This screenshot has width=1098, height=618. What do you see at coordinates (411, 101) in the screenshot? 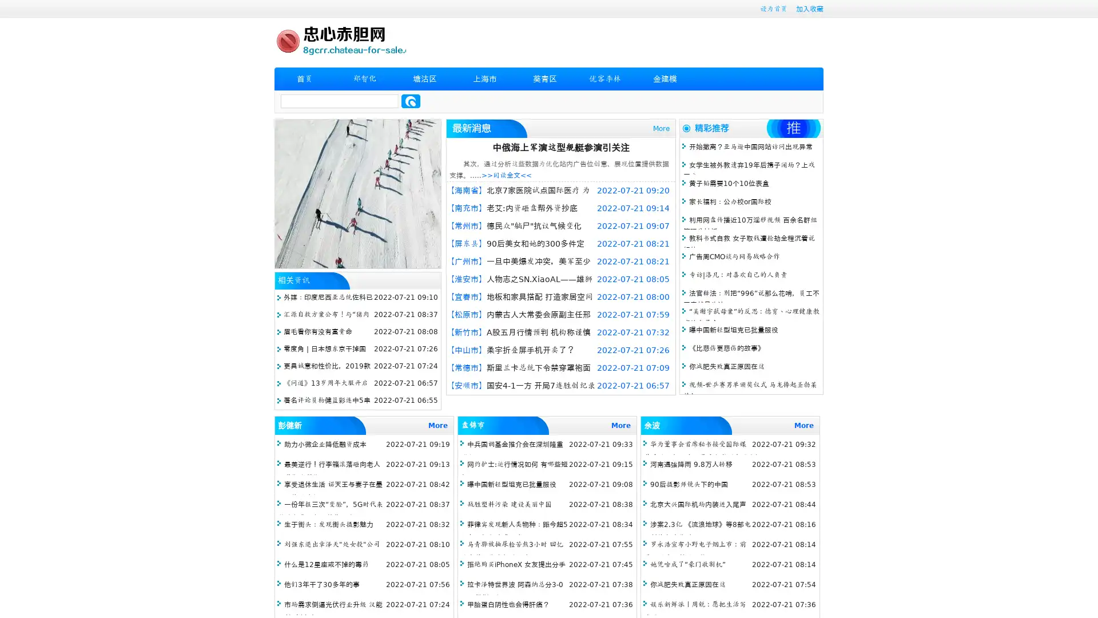
I see `Search` at bounding box center [411, 101].